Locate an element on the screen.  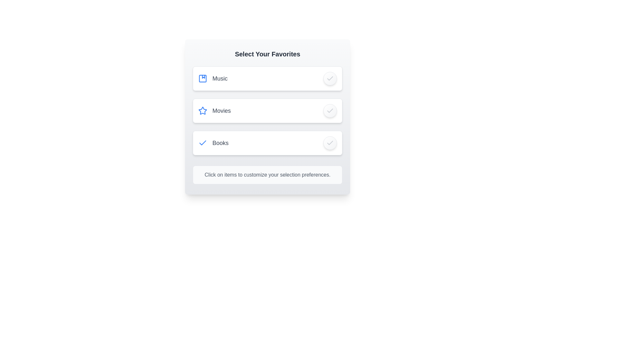
the Interactive selection card labeled 'Movies' is located at coordinates (268, 117).